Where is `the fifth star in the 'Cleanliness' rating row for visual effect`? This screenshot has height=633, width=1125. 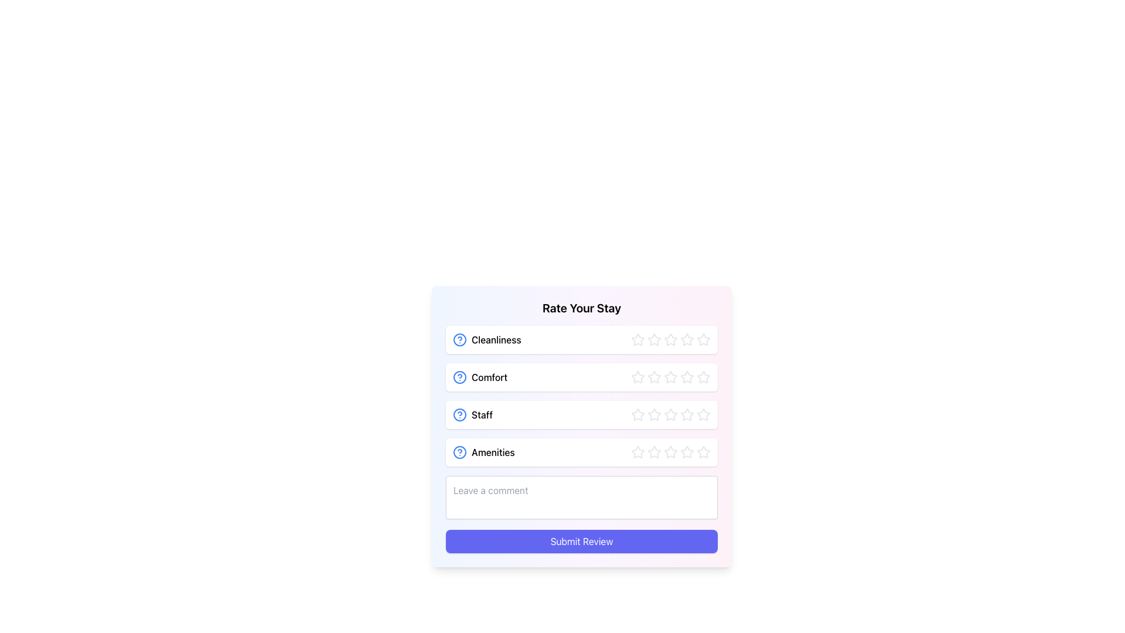
the fifth star in the 'Cleanliness' rating row for visual effect is located at coordinates (687, 339).